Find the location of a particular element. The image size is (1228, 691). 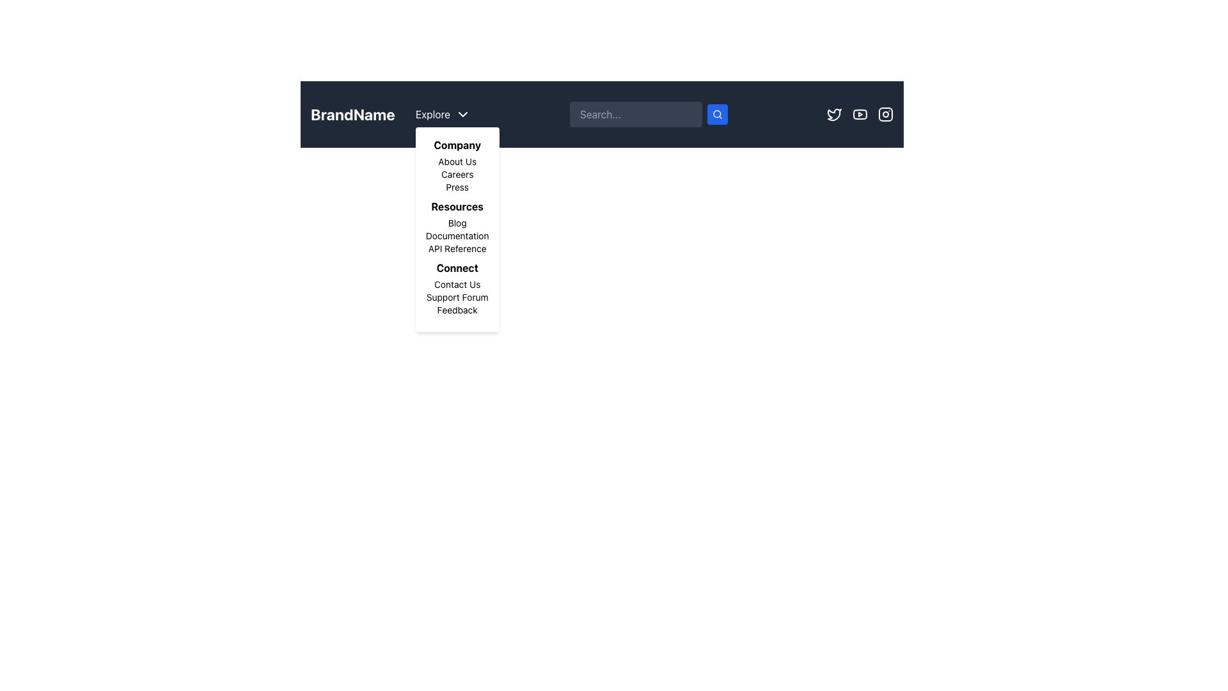

the 'Connect' text label located in the vertical dropdown menu under the 'Resources' section is located at coordinates (457, 267).